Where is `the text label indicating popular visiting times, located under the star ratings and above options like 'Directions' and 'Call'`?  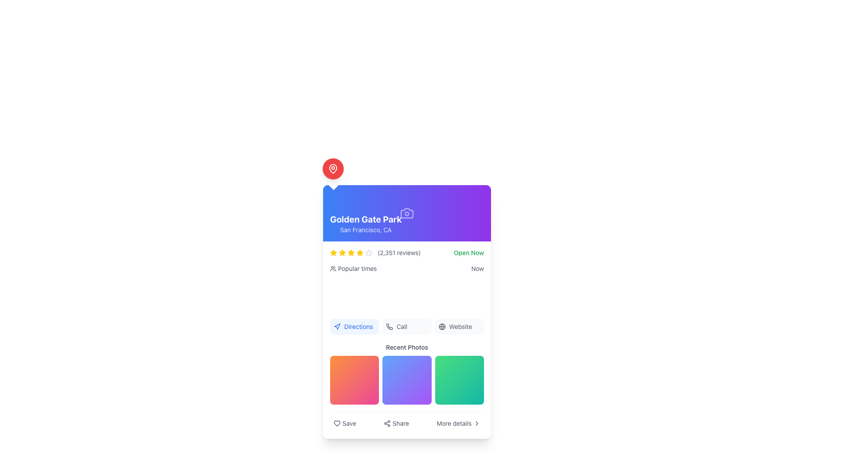 the text label indicating popular visiting times, located under the star ratings and above options like 'Directions' and 'Call' is located at coordinates (353, 268).